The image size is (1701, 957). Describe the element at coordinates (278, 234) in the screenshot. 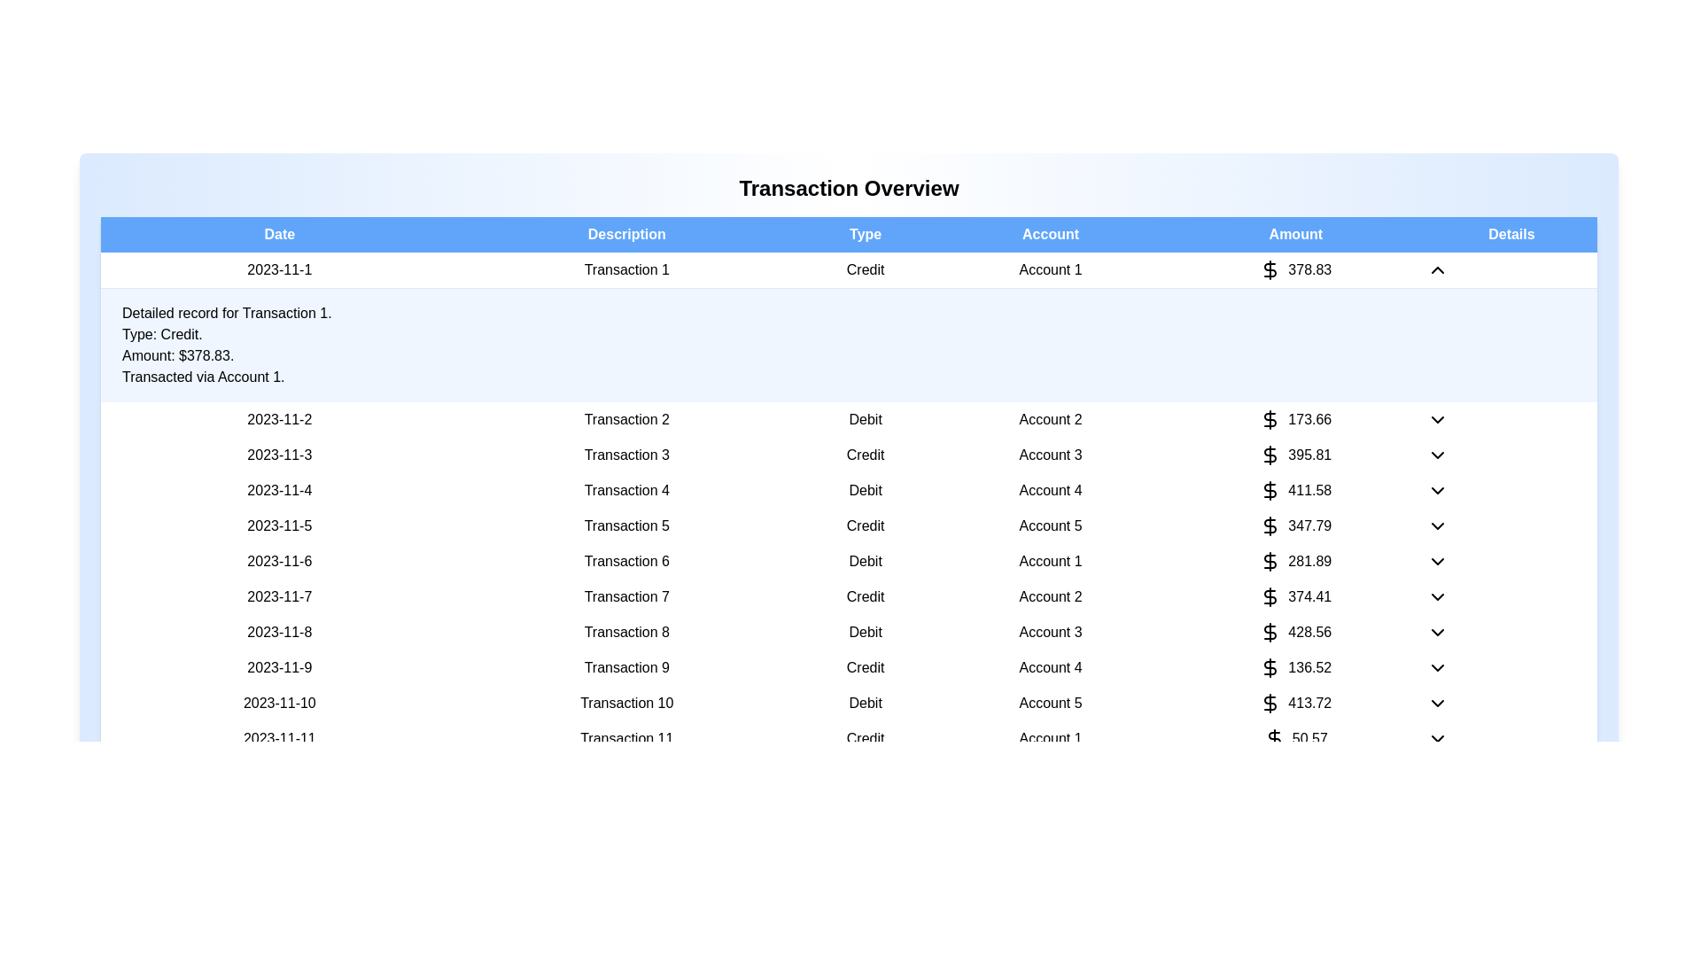

I see `the column header Date to sort or filter the transactions` at that location.